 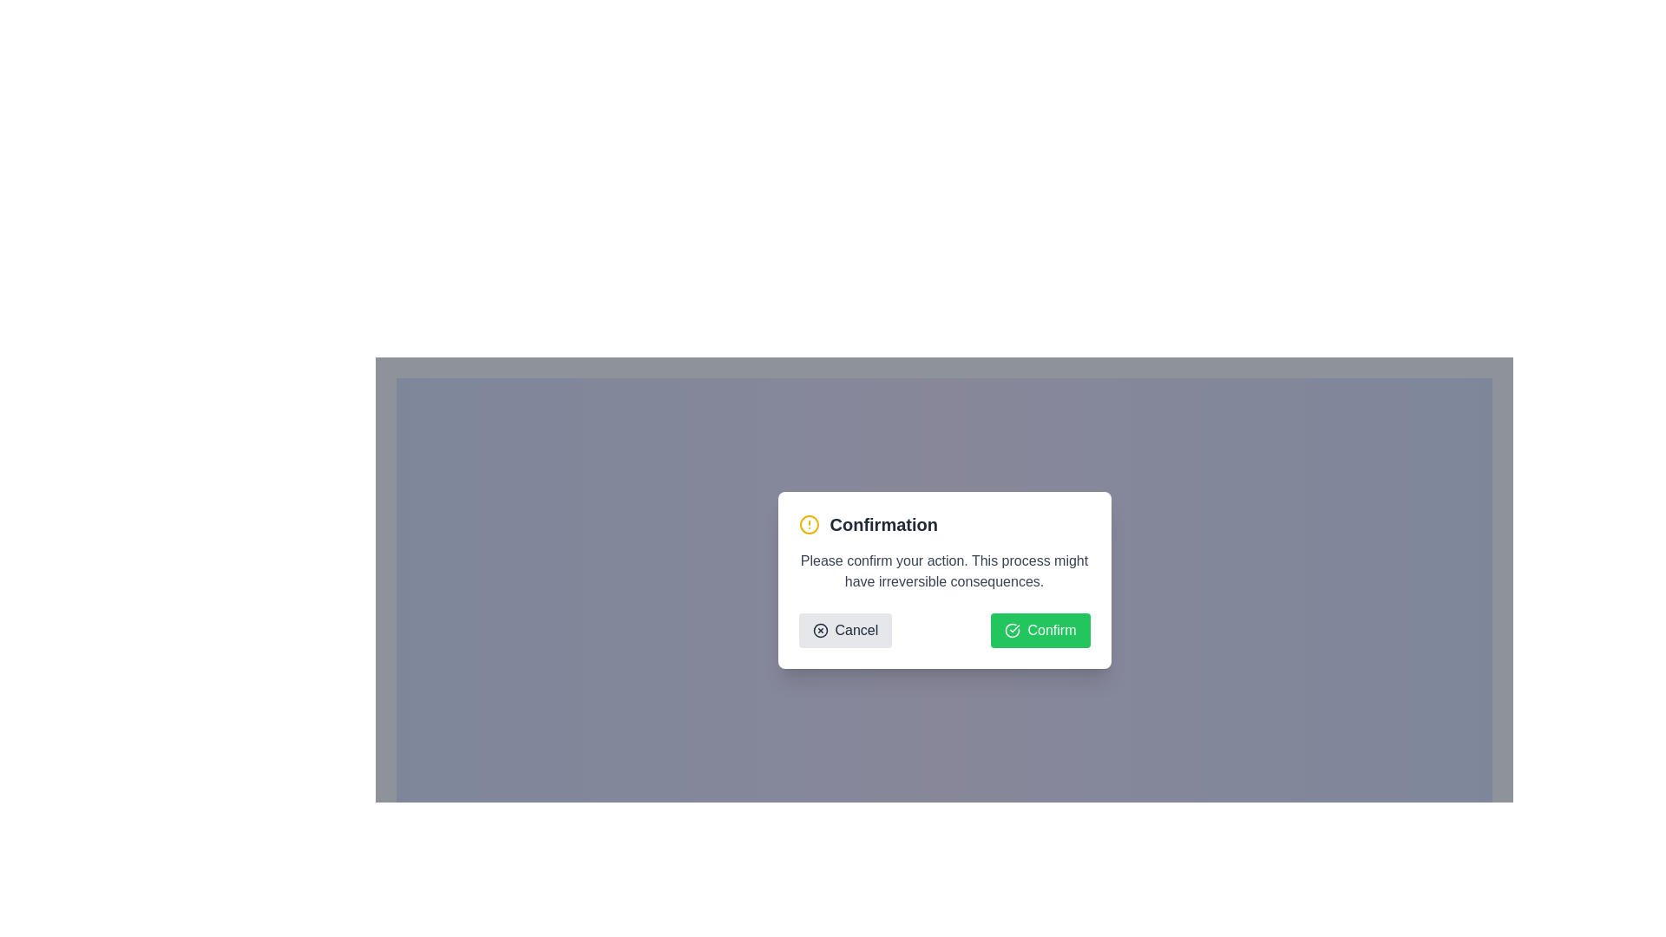 What do you see at coordinates (1040, 630) in the screenshot?
I see `the confirm button located at the bottom-right corner of the modal dialog to affirm the user action` at bounding box center [1040, 630].